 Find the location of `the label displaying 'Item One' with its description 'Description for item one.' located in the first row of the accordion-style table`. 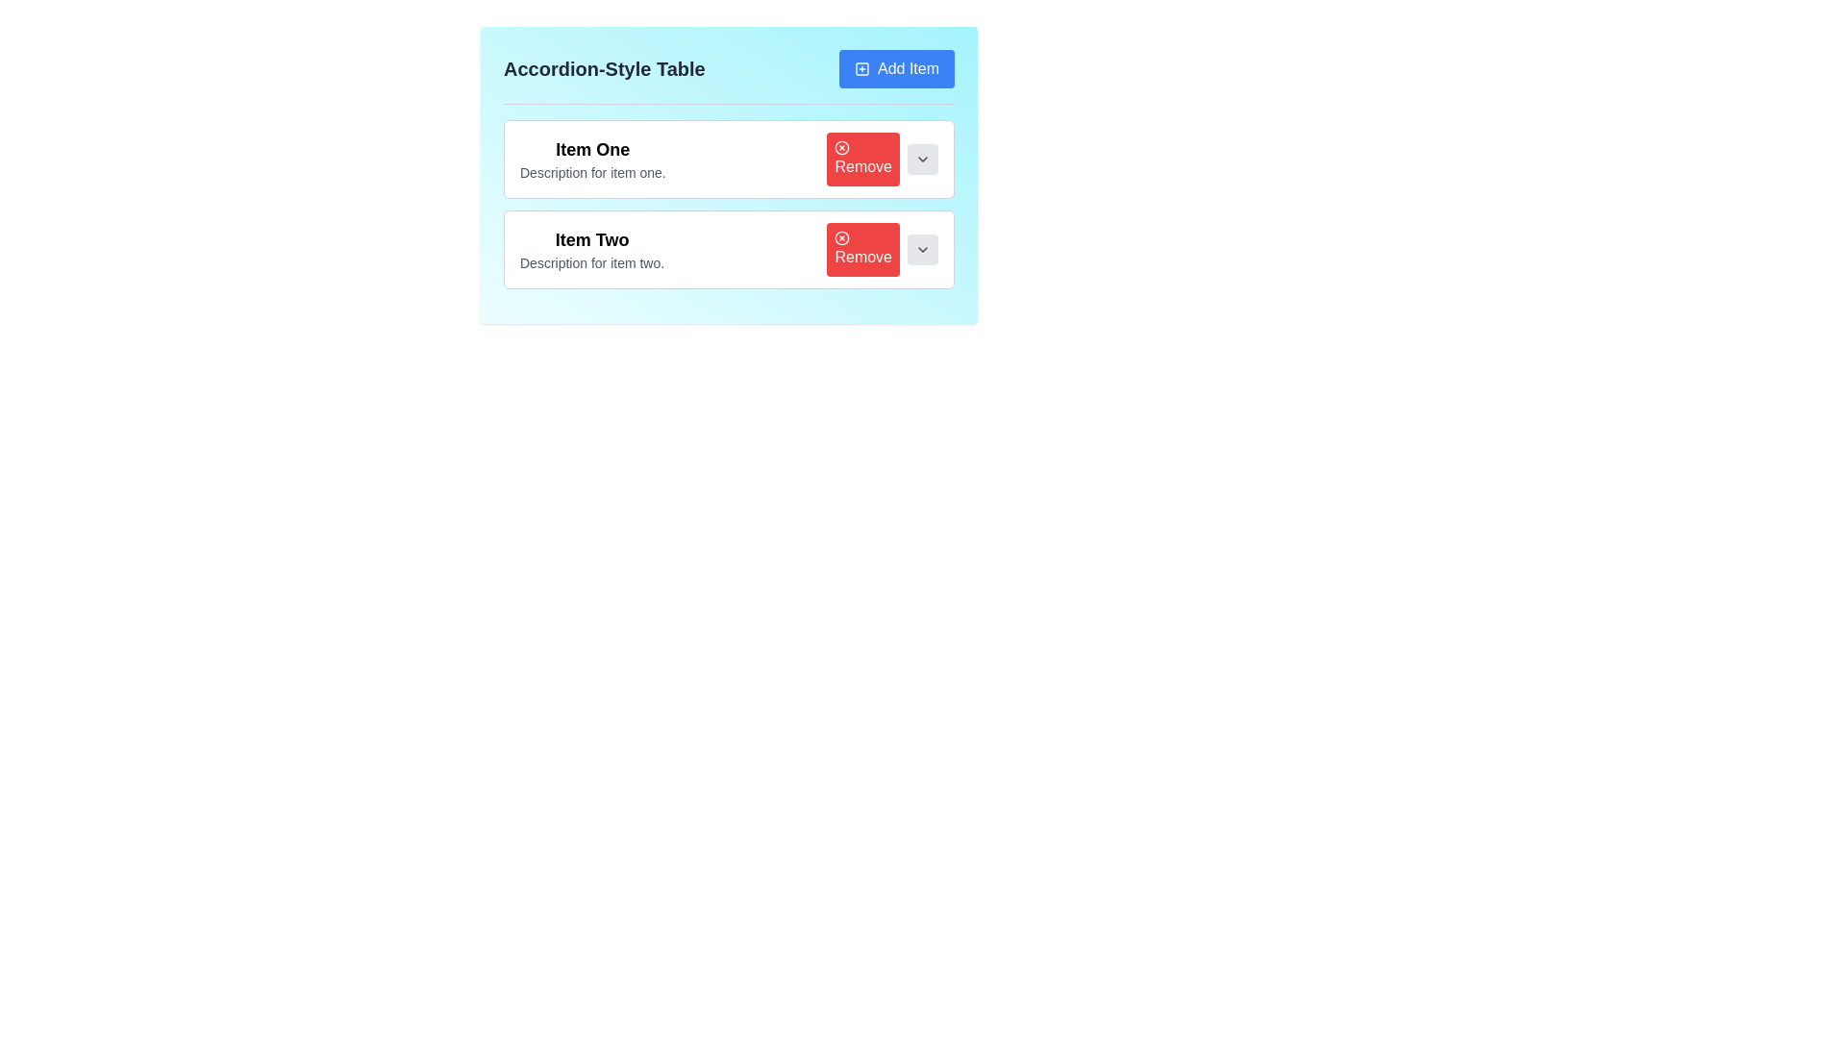

the label displaying 'Item One' with its description 'Description for item one.' located in the first row of the accordion-style table is located at coordinates (591, 158).